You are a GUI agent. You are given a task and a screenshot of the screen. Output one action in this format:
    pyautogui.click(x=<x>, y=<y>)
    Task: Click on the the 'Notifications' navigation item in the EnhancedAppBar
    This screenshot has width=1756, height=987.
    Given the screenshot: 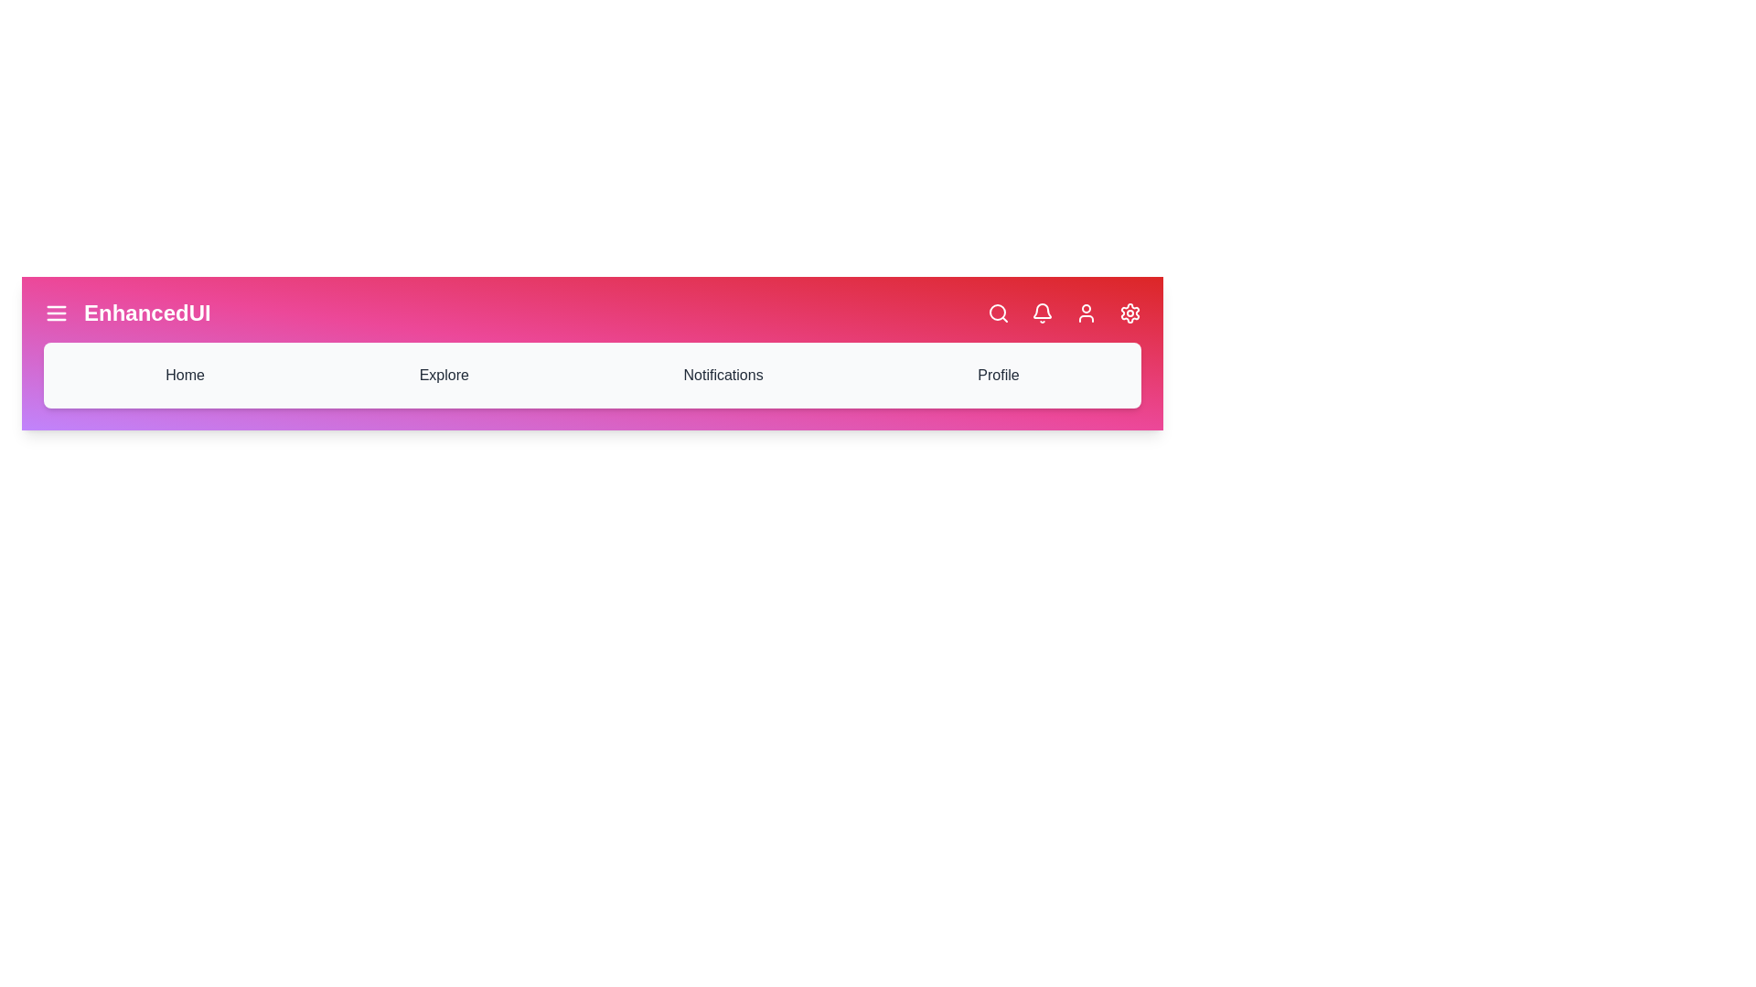 What is the action you would take?
    pyautogui.click(x=723, y=375)
    